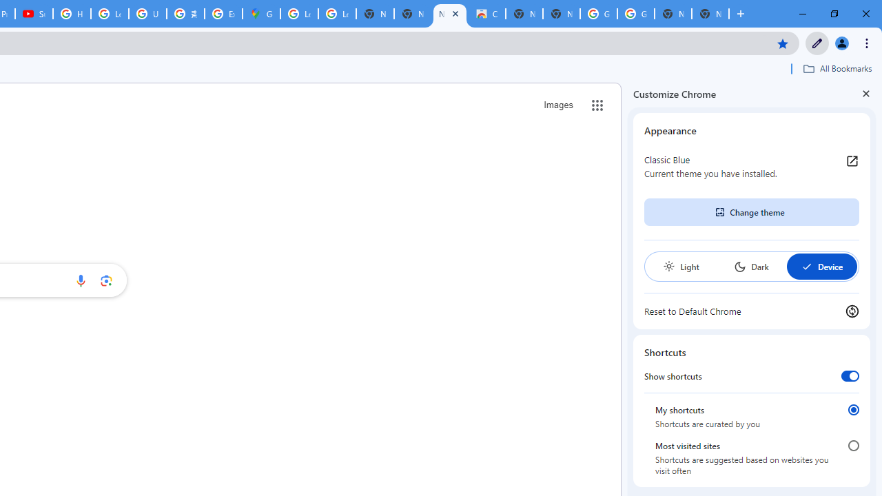 The image size is (882, 496). Describe the element at coordinates (599, 14) in the screenshot. I see `'Google Images'` at that location.